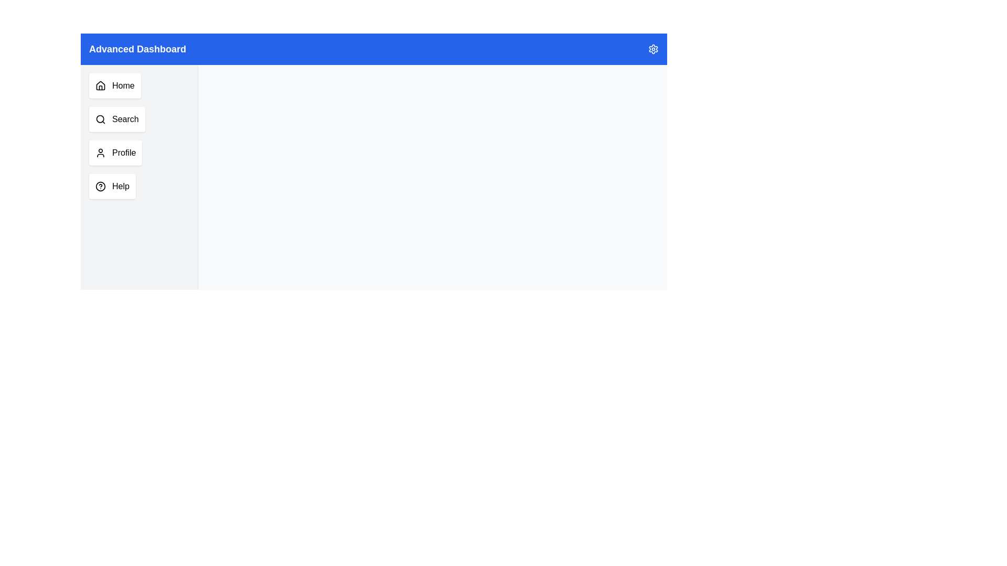 The height and width of the screenshot is (566, 1007). Describe the element at coordinates (101, 84) in the screenshot. I see `the 'Home' navigation icon located at the top of the vertical list on the left side of the interface` at that location.